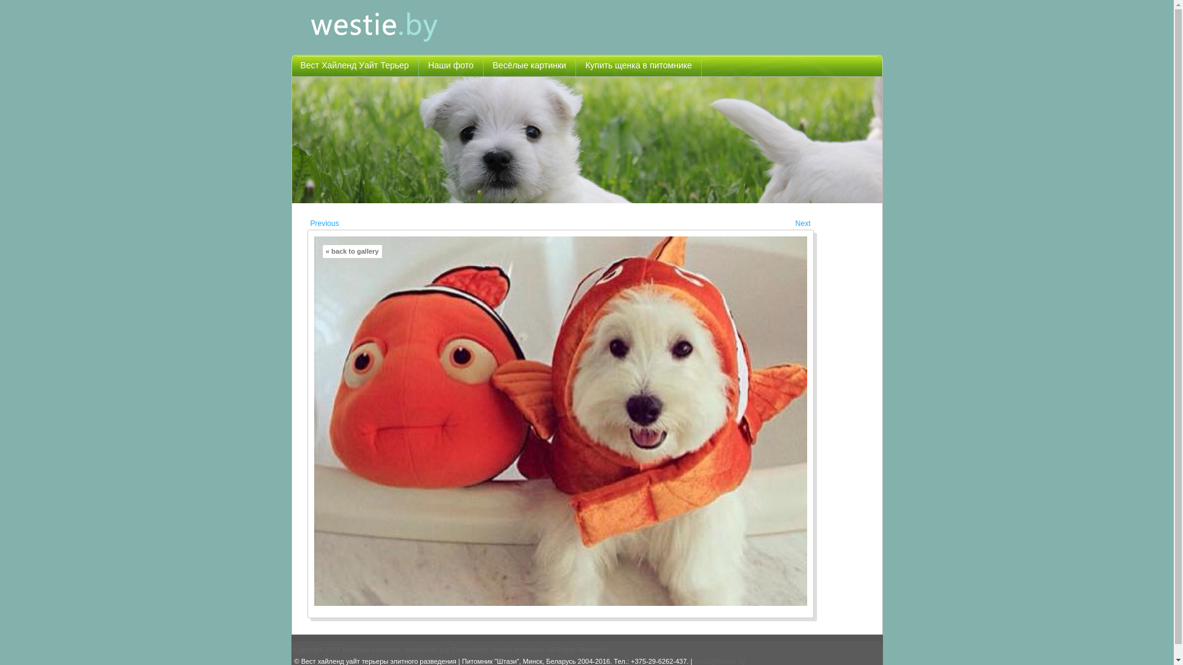  I want to click on 'Previous', so click(325, 224).